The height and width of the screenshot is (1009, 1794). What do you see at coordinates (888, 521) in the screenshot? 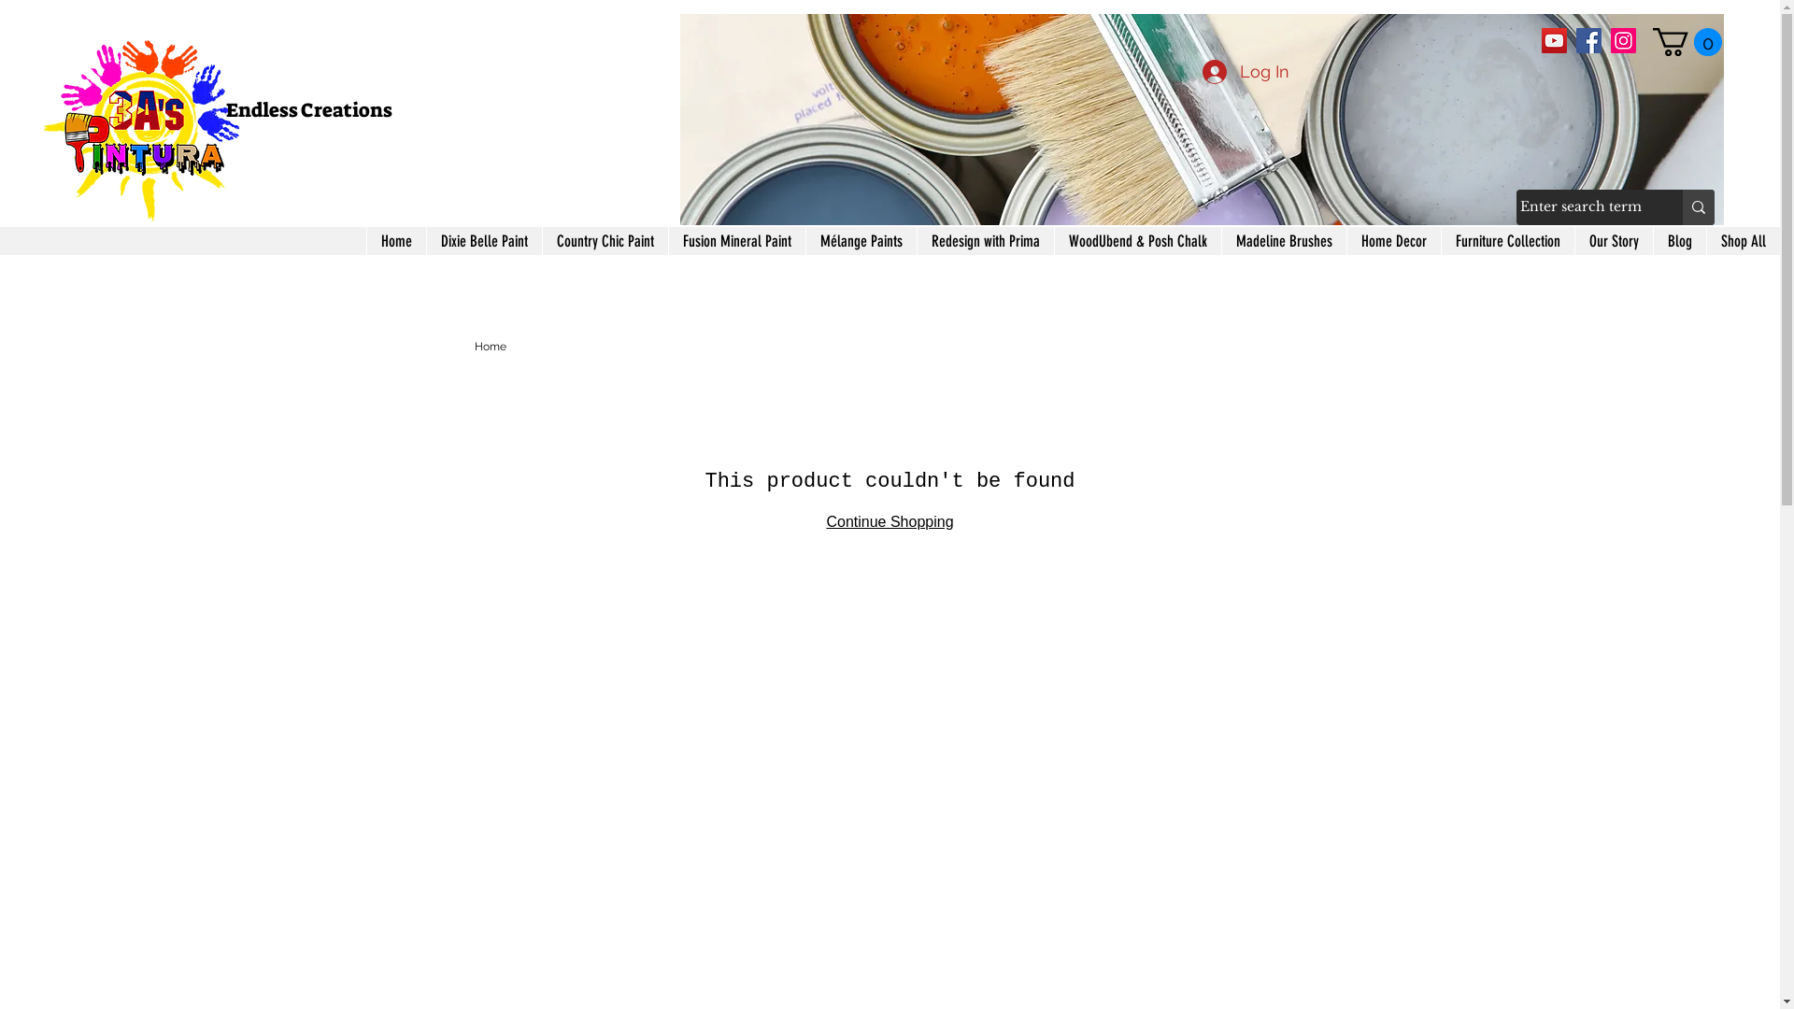
I see `'Continue Shopping'` at bounding box center [888, 521].